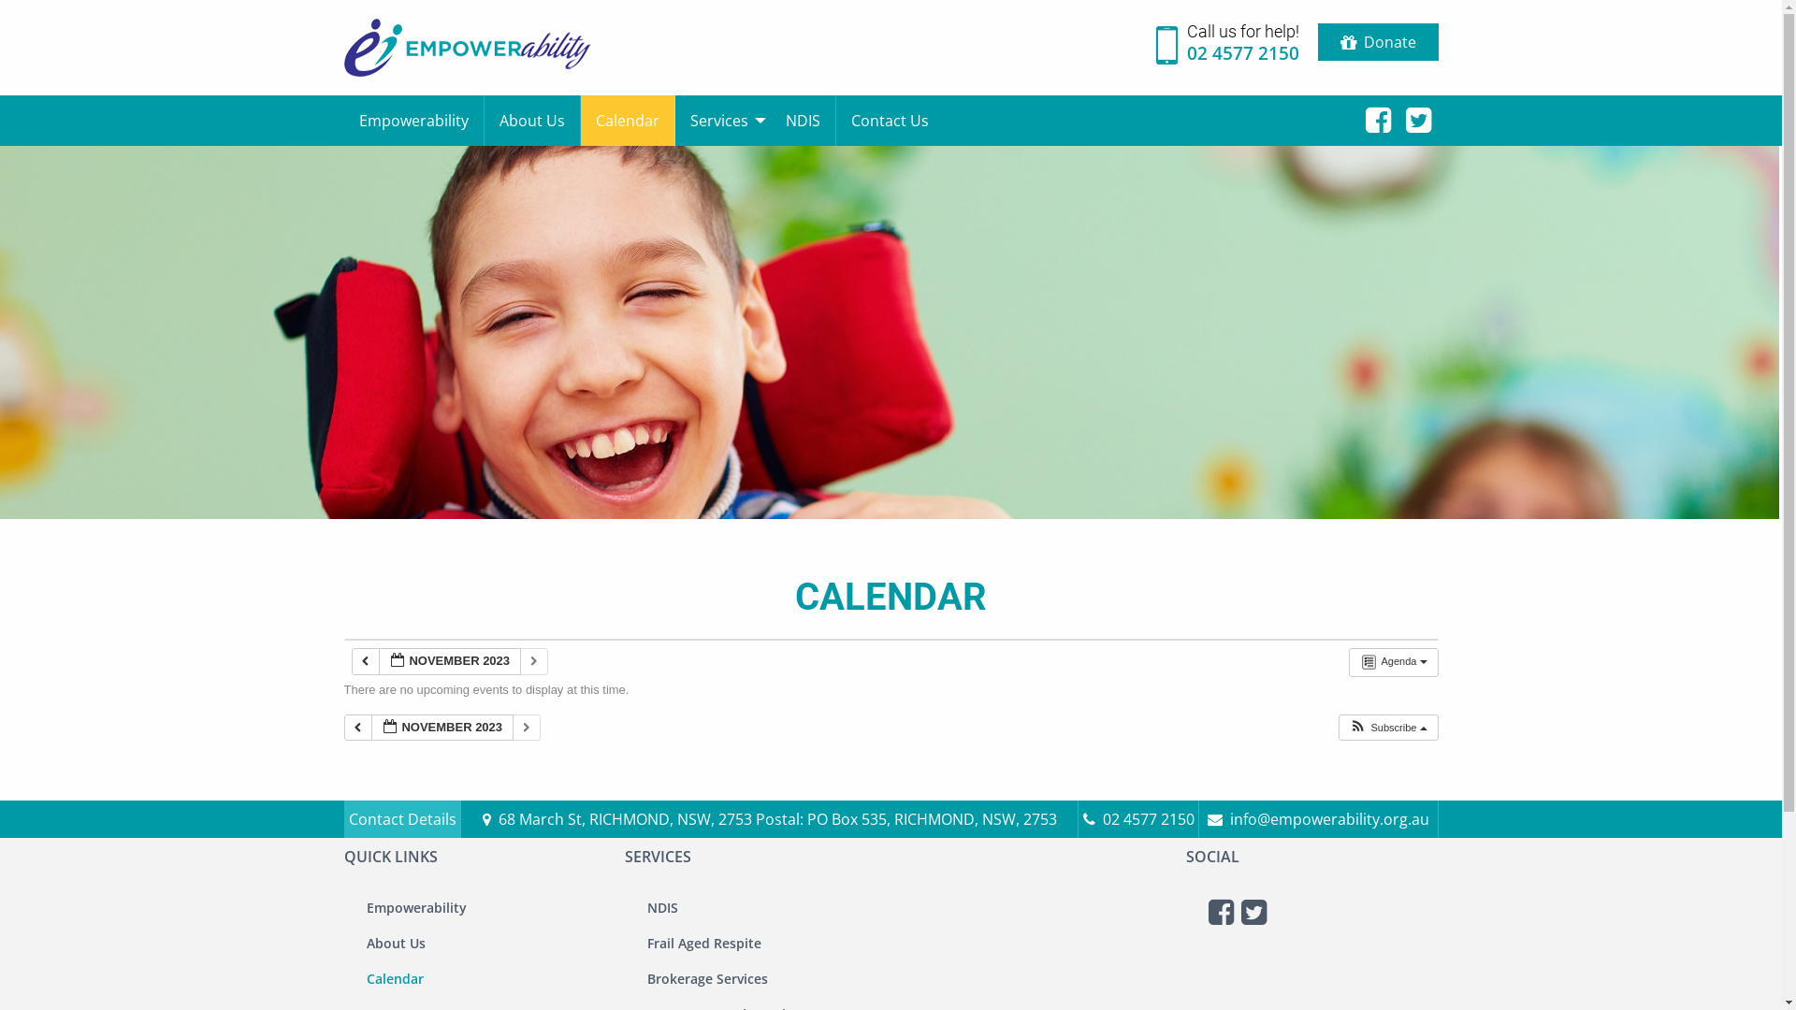 This screenshot has height=1010, width=1796. What do you see at coordinates (1137, 817) in the screenshot?
I see `'02 4577 2150'` at bounding box center [1137, 817].